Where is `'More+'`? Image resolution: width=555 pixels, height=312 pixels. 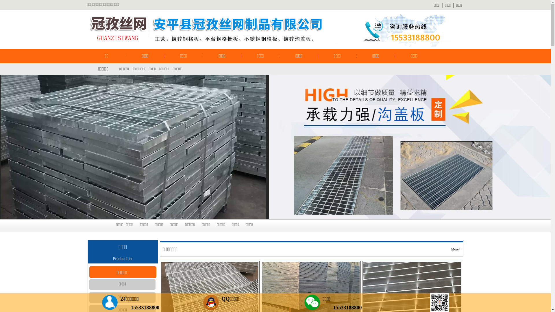 'More+' is located at coordinates (451, 249).